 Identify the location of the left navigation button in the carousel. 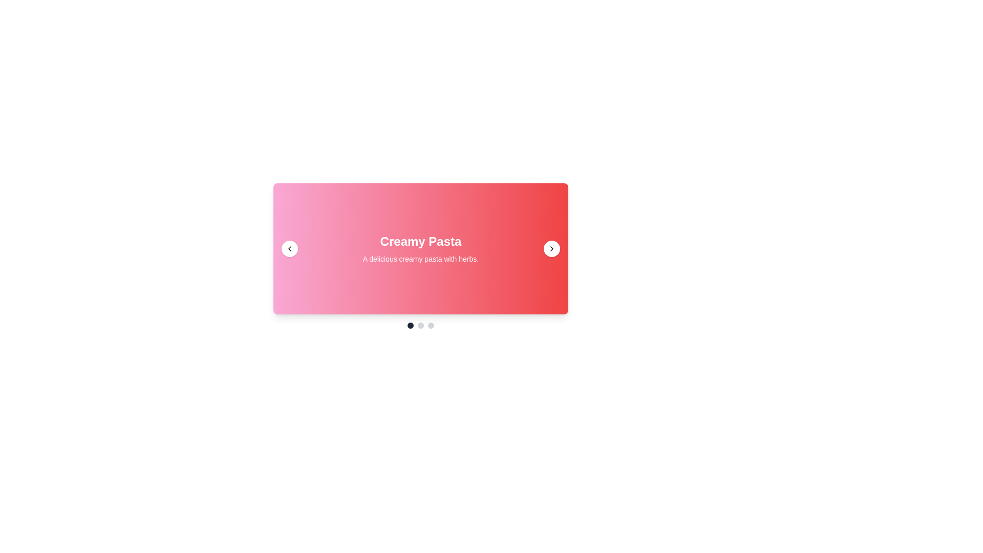
(289, 249).